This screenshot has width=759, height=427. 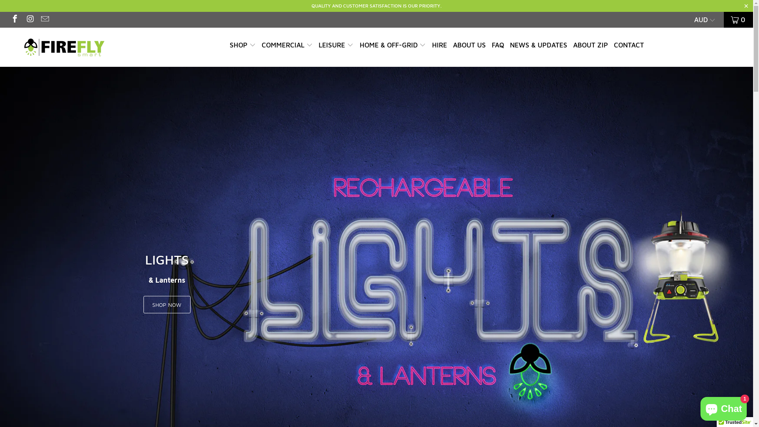 I want to click on 'SHOP', so click(x=242, y=45).